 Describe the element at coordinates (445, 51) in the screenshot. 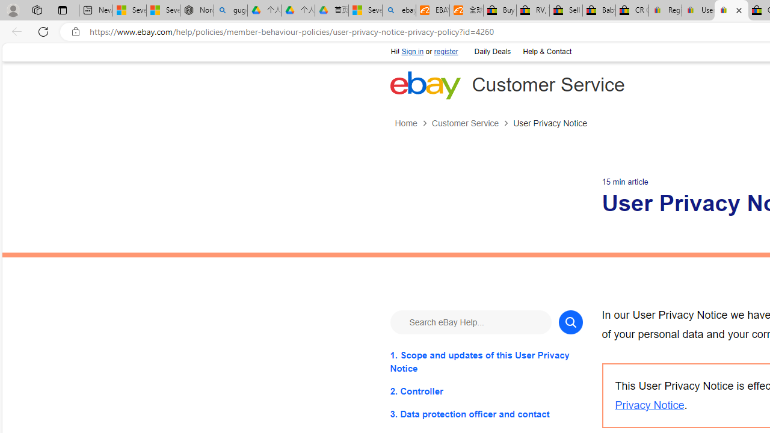

I see `'register'` at that location.